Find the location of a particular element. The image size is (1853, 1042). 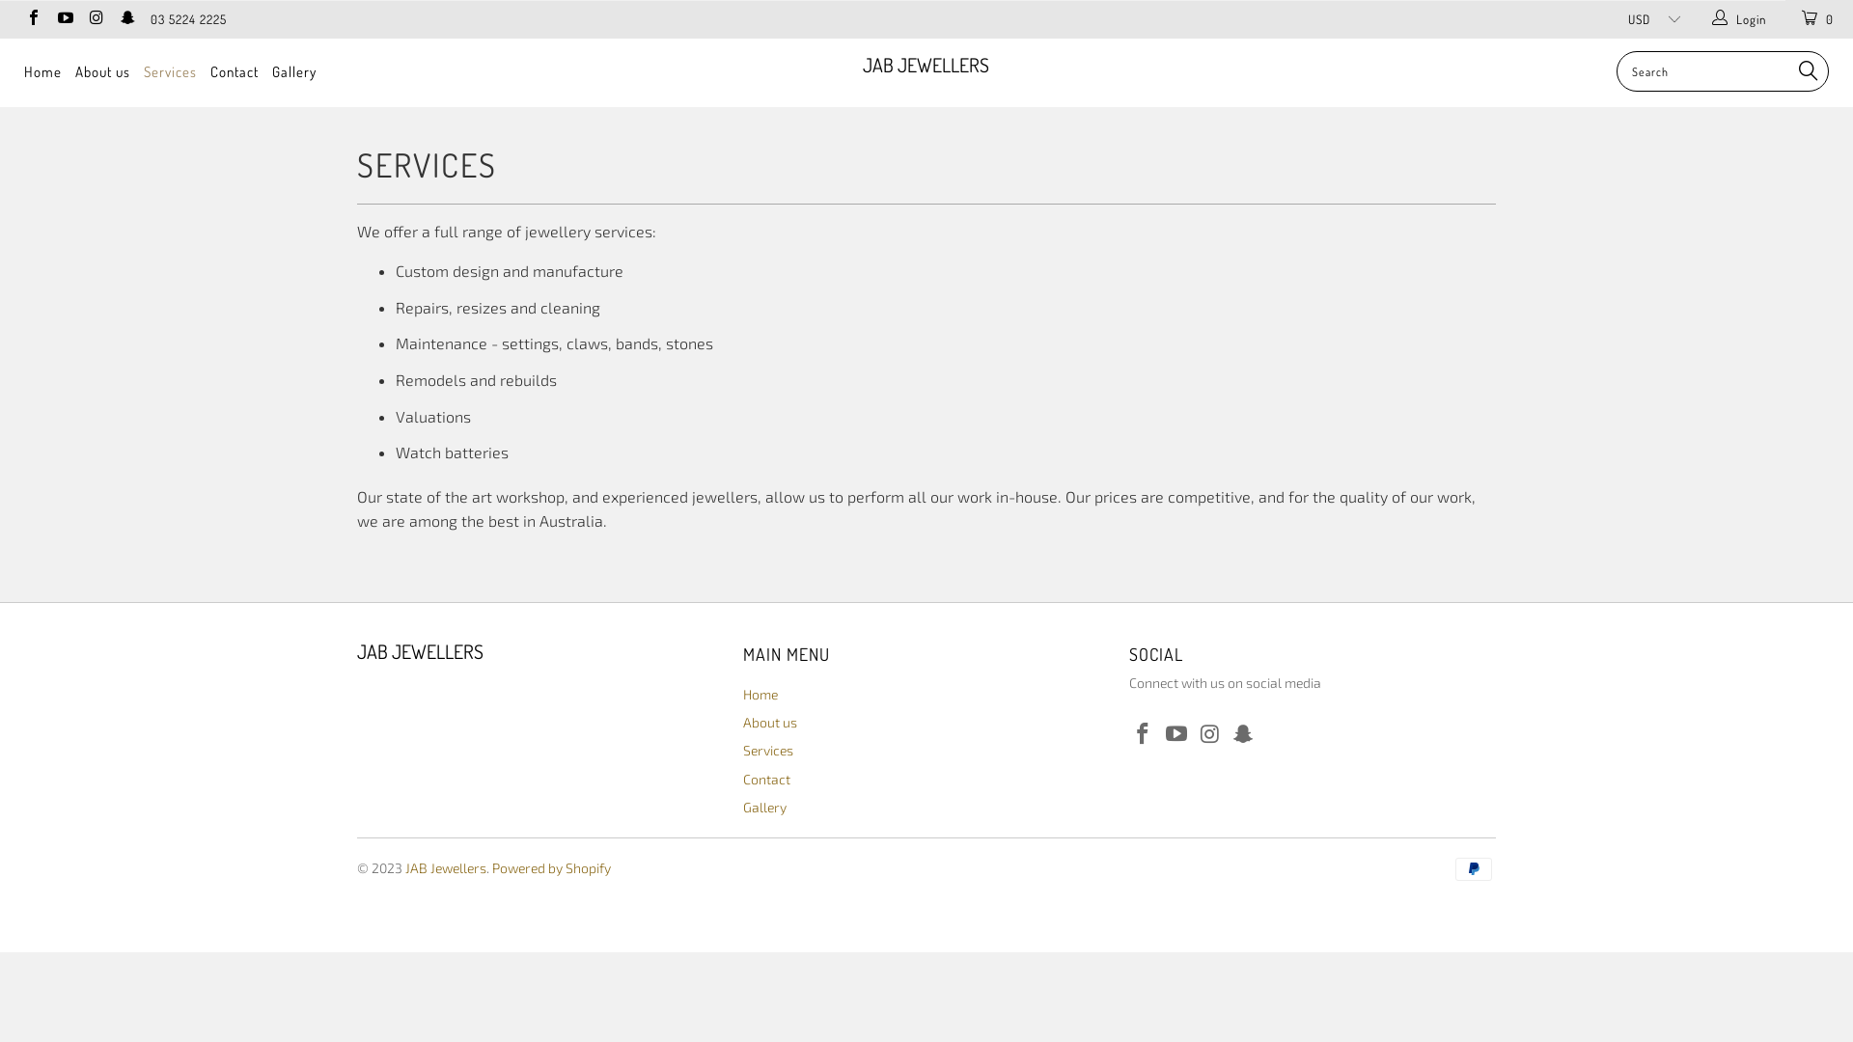

'03 5224 2225' is located at coordinates (150, 18).